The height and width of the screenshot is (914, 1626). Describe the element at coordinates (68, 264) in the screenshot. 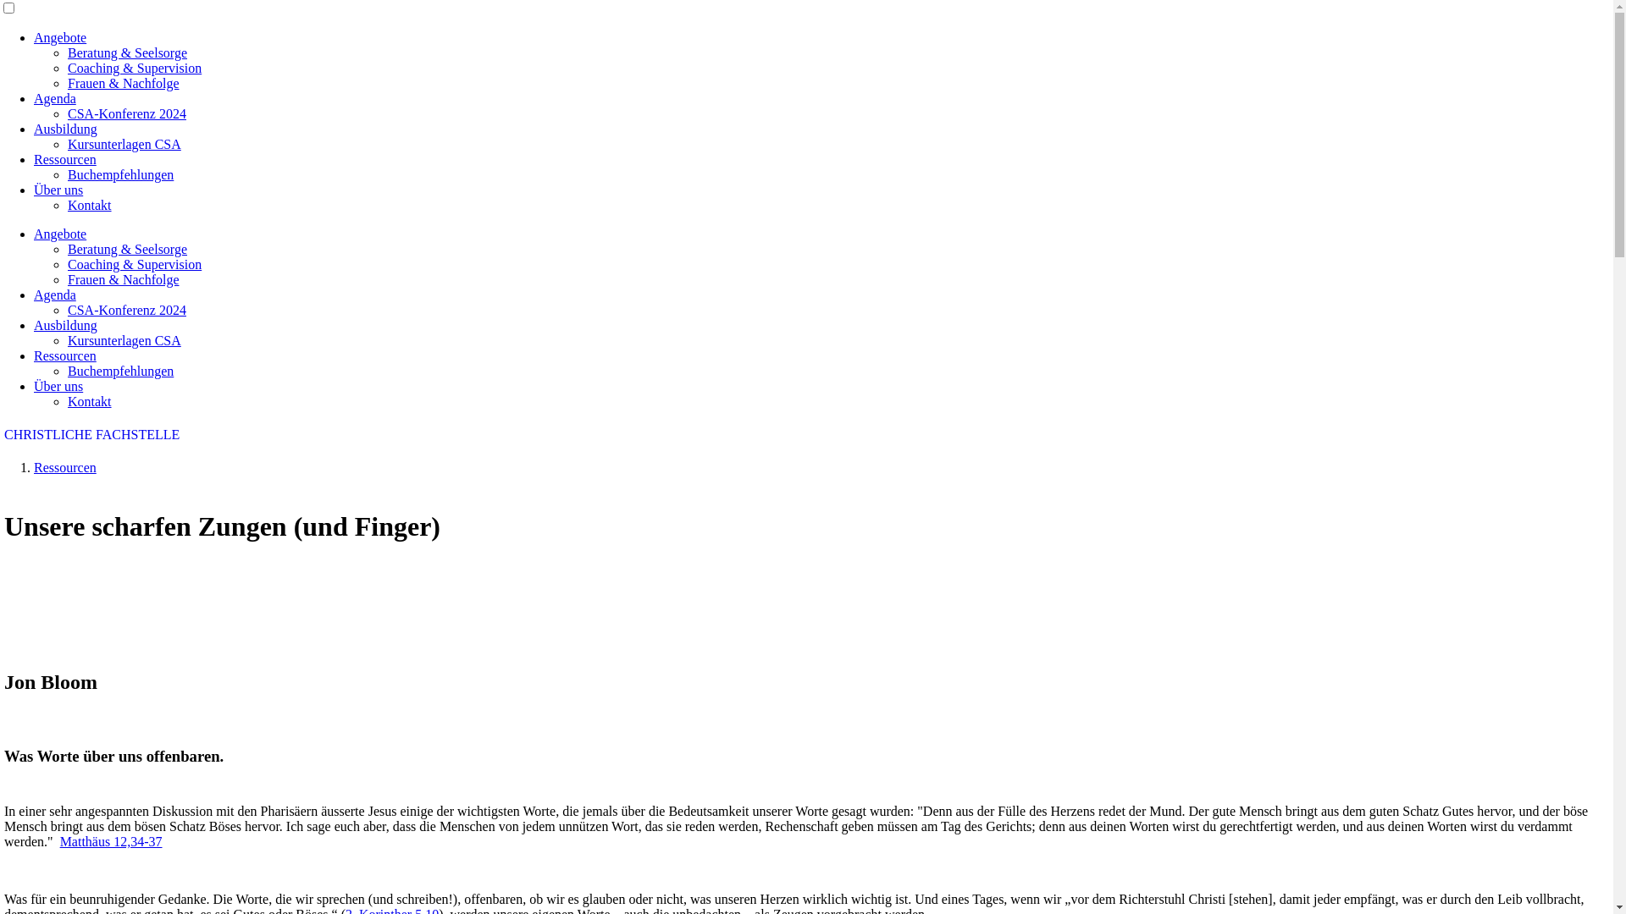

I see `'Coaching & Supervision'` at that location.